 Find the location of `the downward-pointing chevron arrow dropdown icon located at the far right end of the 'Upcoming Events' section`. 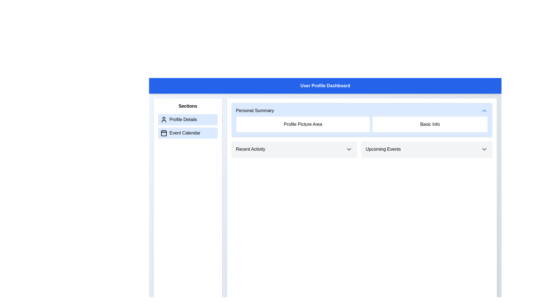

the downward-pointing chevron arrow dropdown icon located at the far right end of the 'Upcoming Events' section is located at coordinates (484, 149).